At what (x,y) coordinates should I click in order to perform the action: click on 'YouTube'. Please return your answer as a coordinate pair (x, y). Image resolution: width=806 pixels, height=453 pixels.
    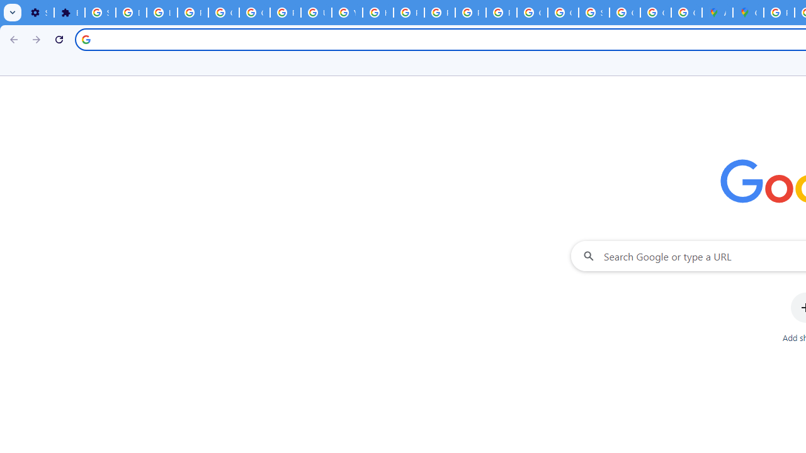
    Looking at the image, I should click on (347, 13).